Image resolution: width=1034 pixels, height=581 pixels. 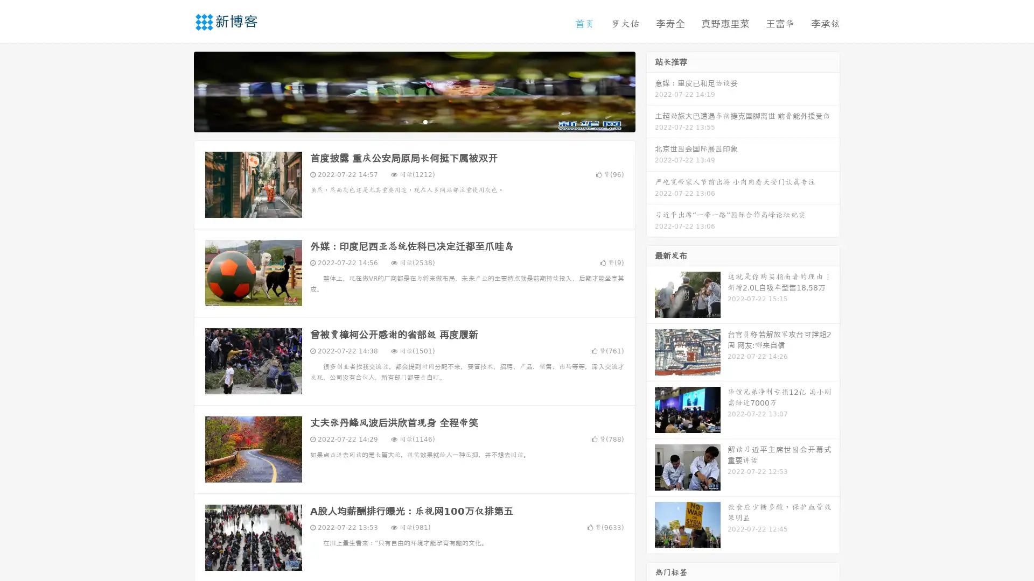 I want to click on Go to slide 2, so click(x=414, y=121).